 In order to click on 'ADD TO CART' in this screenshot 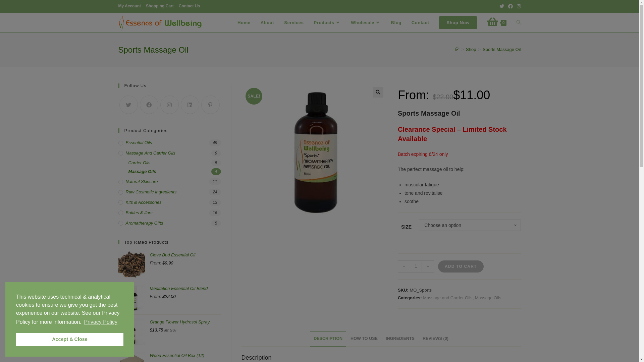, I will do `click(460, 266)`.